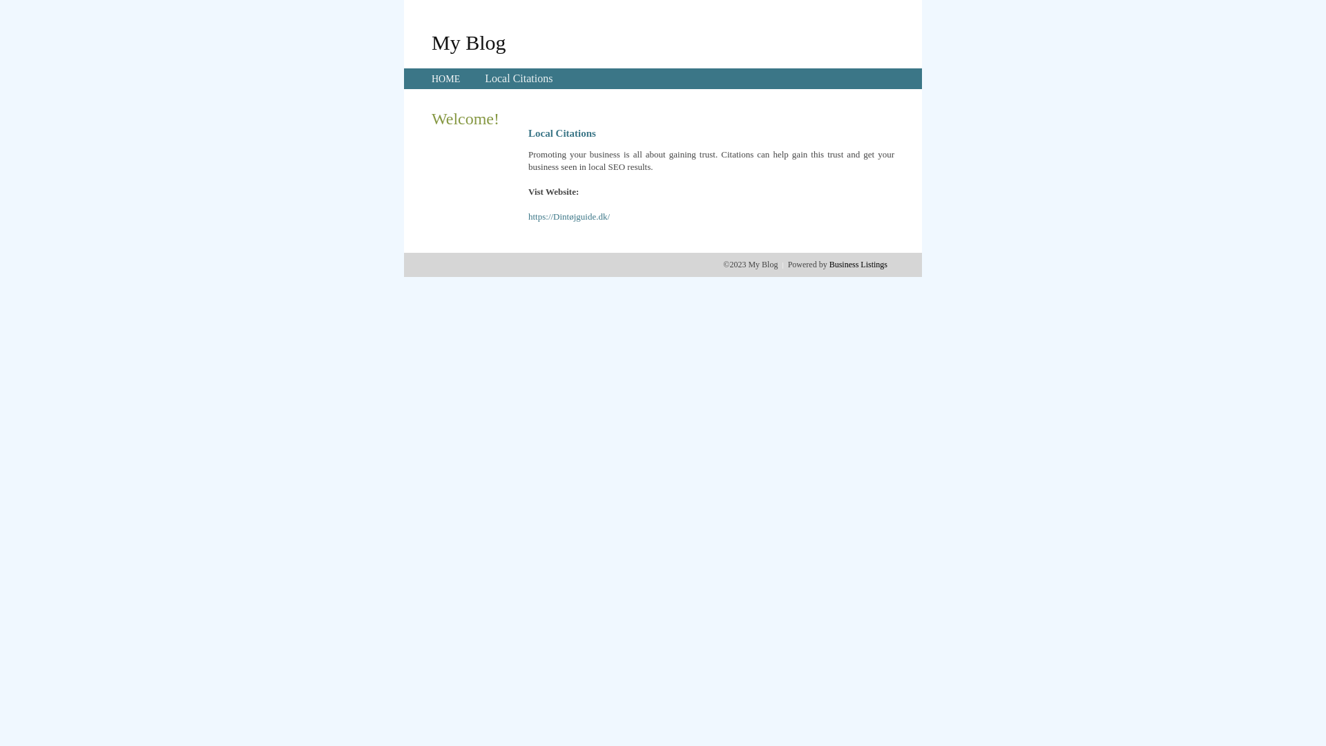 The width and height of the screenshot is (1326, 746). I want to click on 'Local Citations', so click(484, 78).